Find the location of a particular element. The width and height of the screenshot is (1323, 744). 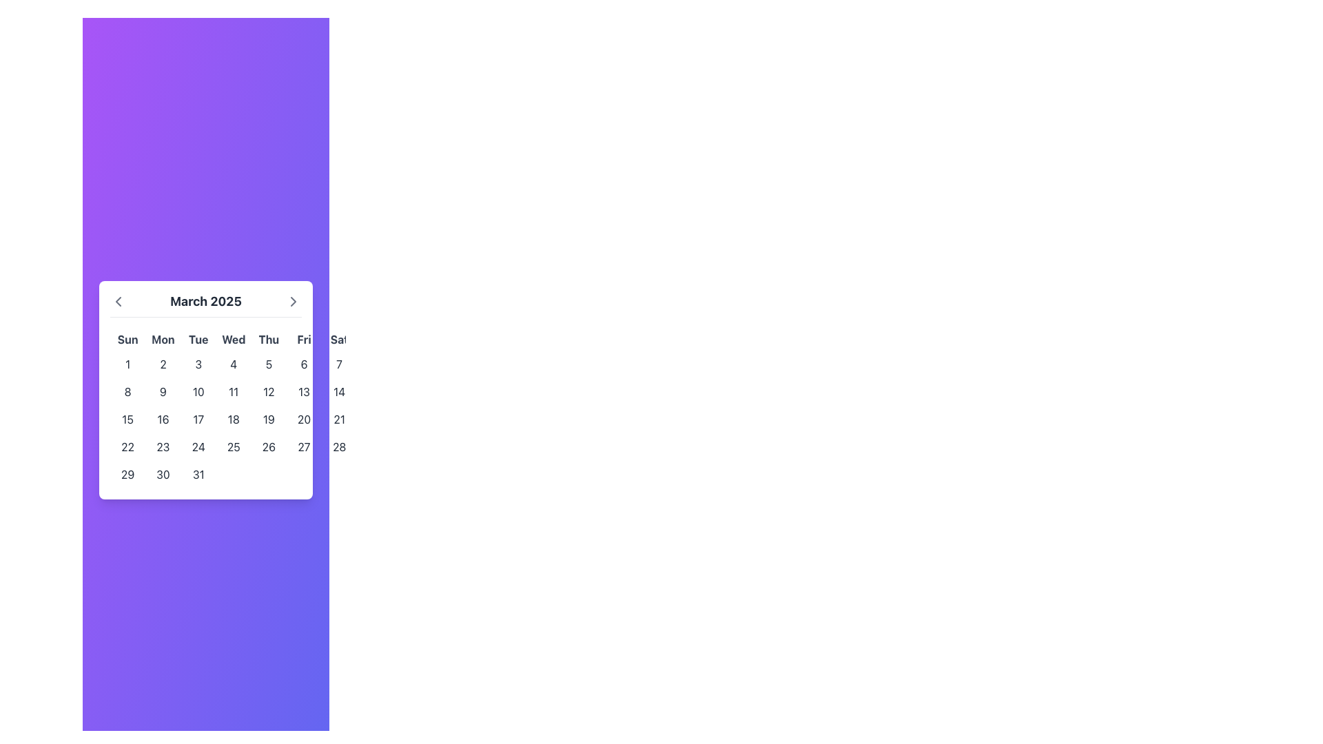

the calendar date cell displaying the text '29' is located at coordinates (127, 473).